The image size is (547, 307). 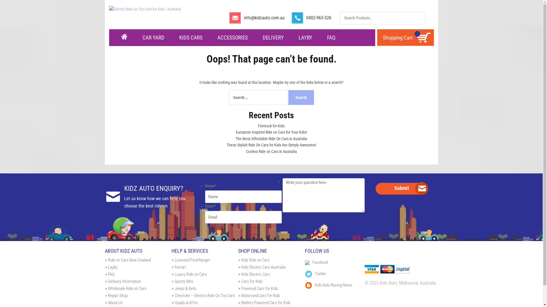 I want to click on 'The Most Affordable Ride On Cars in Australia', so click(x=271, y=139).